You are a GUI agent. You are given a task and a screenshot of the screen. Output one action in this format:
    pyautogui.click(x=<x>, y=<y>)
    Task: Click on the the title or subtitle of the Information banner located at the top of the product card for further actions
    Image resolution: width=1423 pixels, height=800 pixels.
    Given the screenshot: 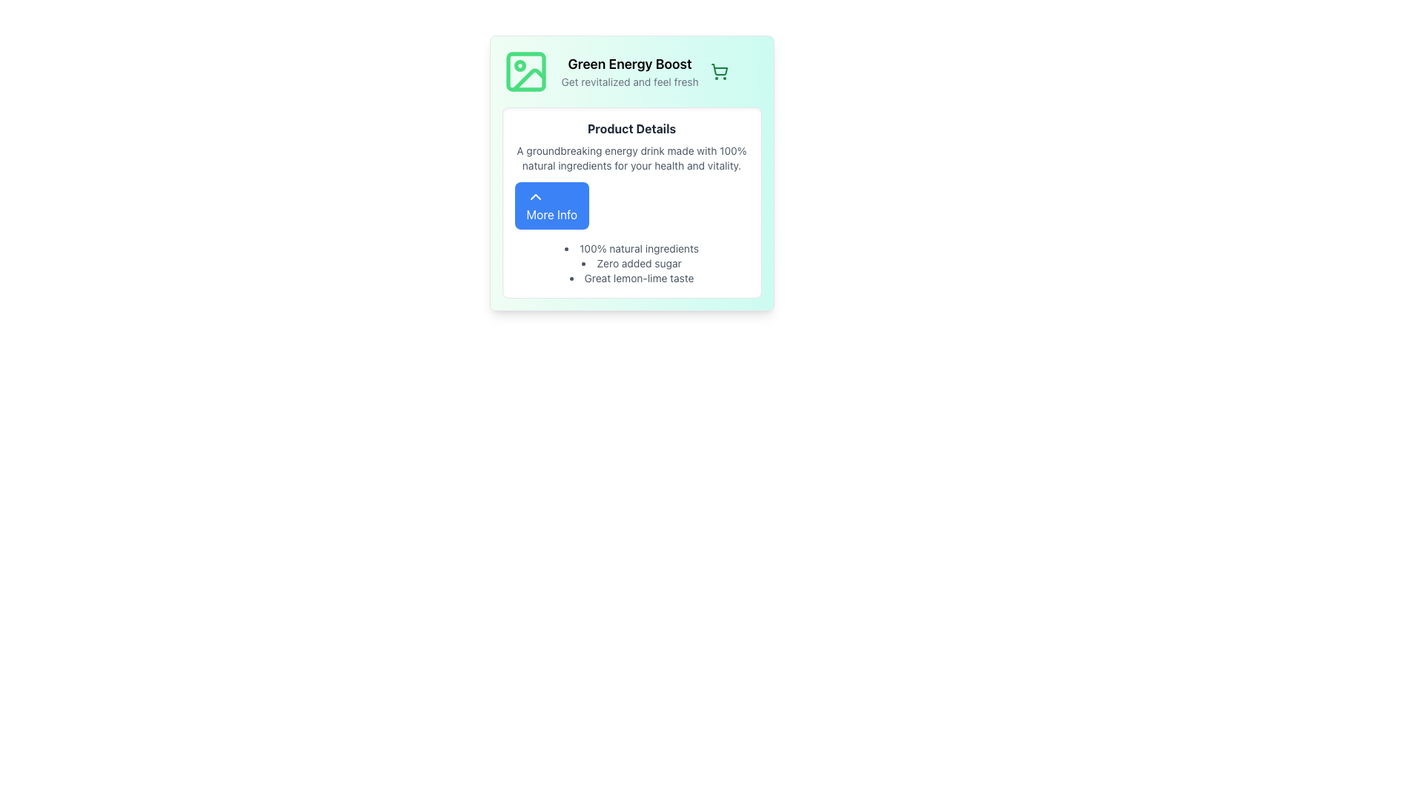 What is the action you would take?
    pyautogui.click(x=631, y=71)
    